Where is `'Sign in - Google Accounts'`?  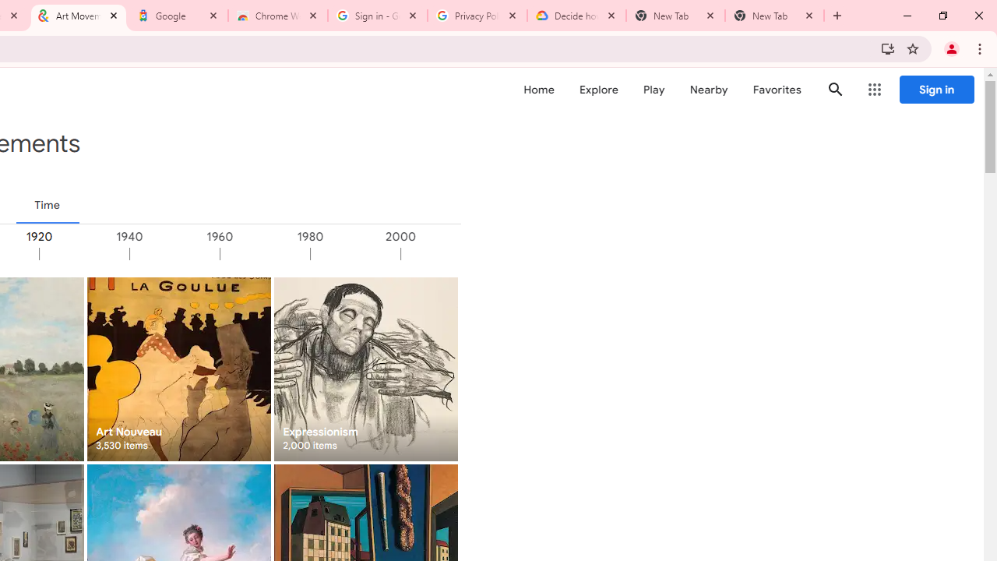
'Sign in - Google Accounts' is located at coordinates (378, 16).